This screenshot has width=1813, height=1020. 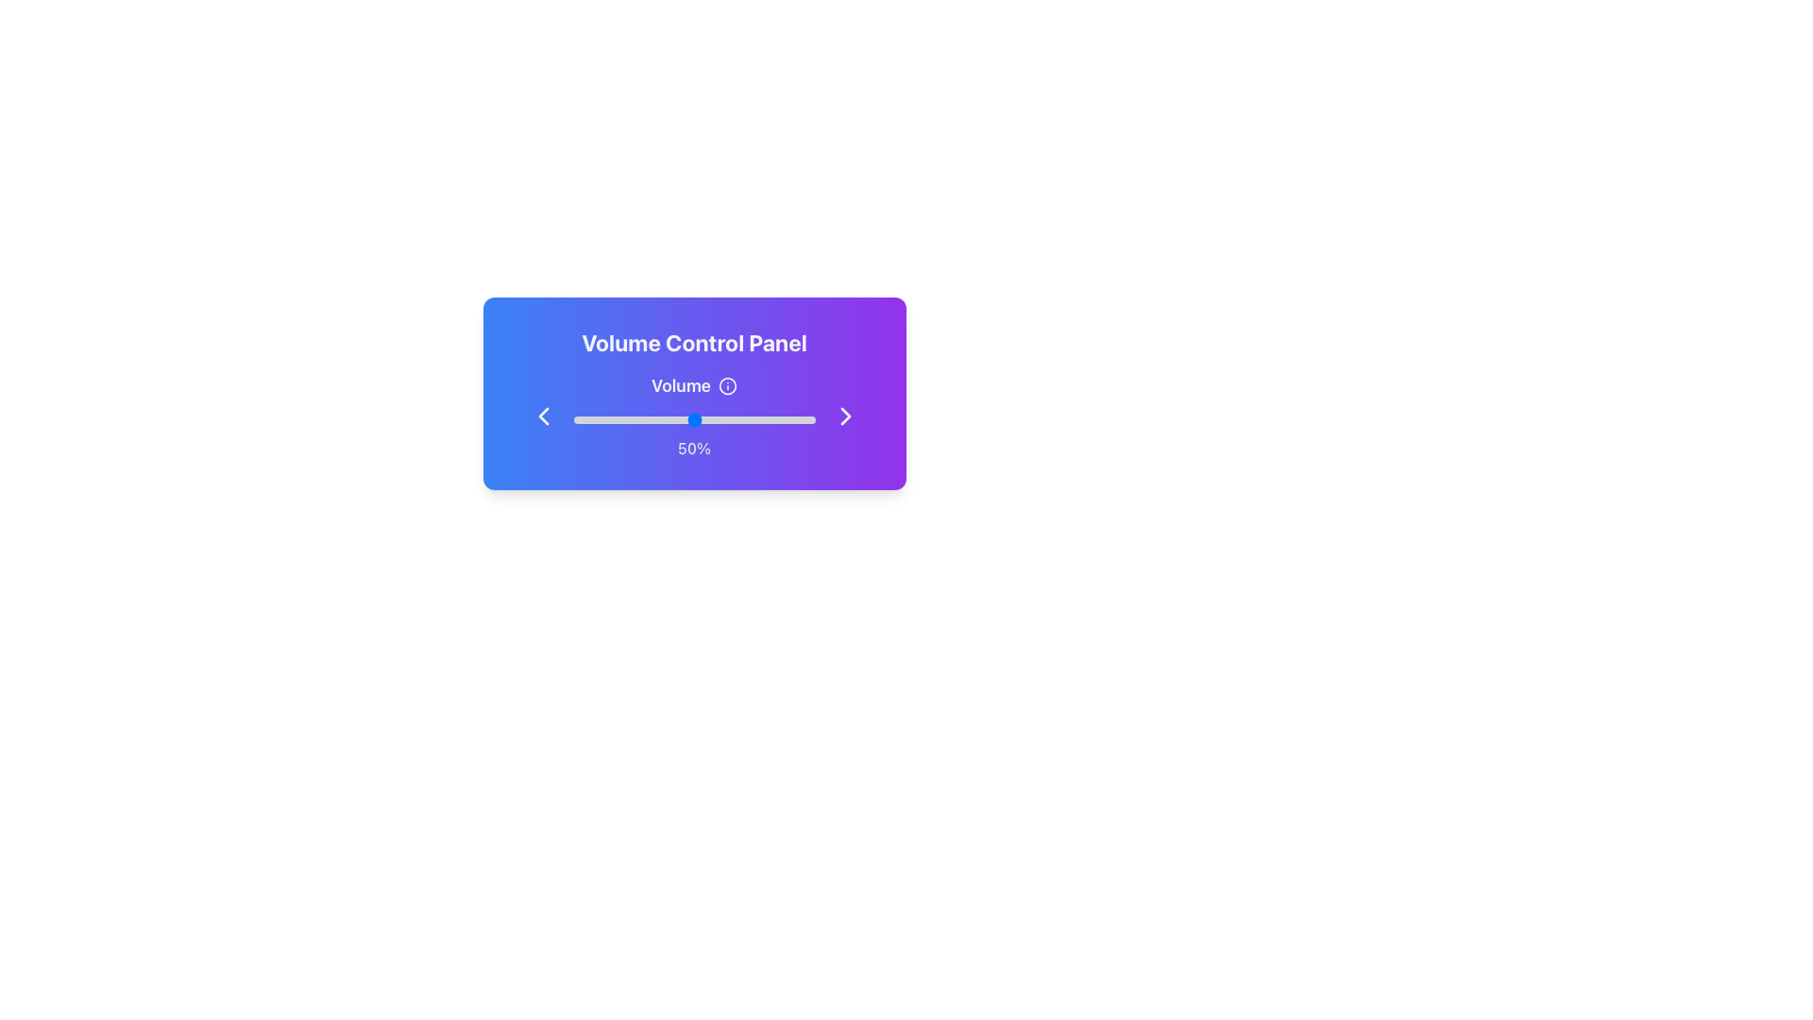 I want to click on the volume level, so click(x=734, y=418).